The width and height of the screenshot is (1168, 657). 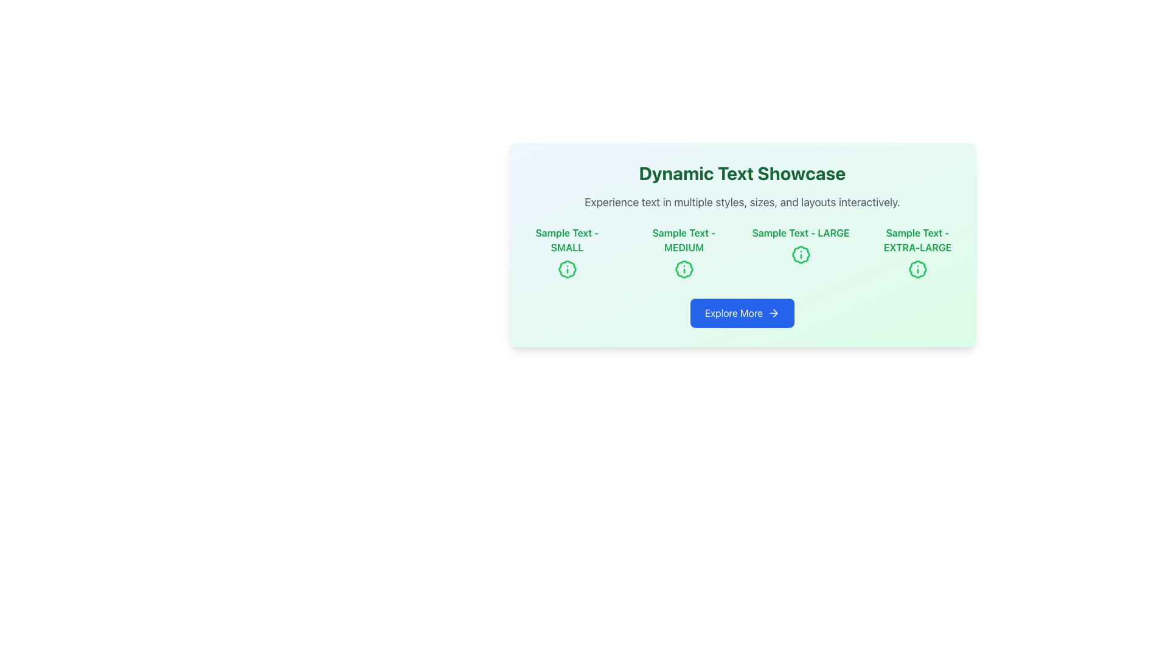 I want to click on the green circular icon with a dotted outline and a central dot, which is positioned beneath the text 'Sample Text - LARGE', so click(x=801, y=254).